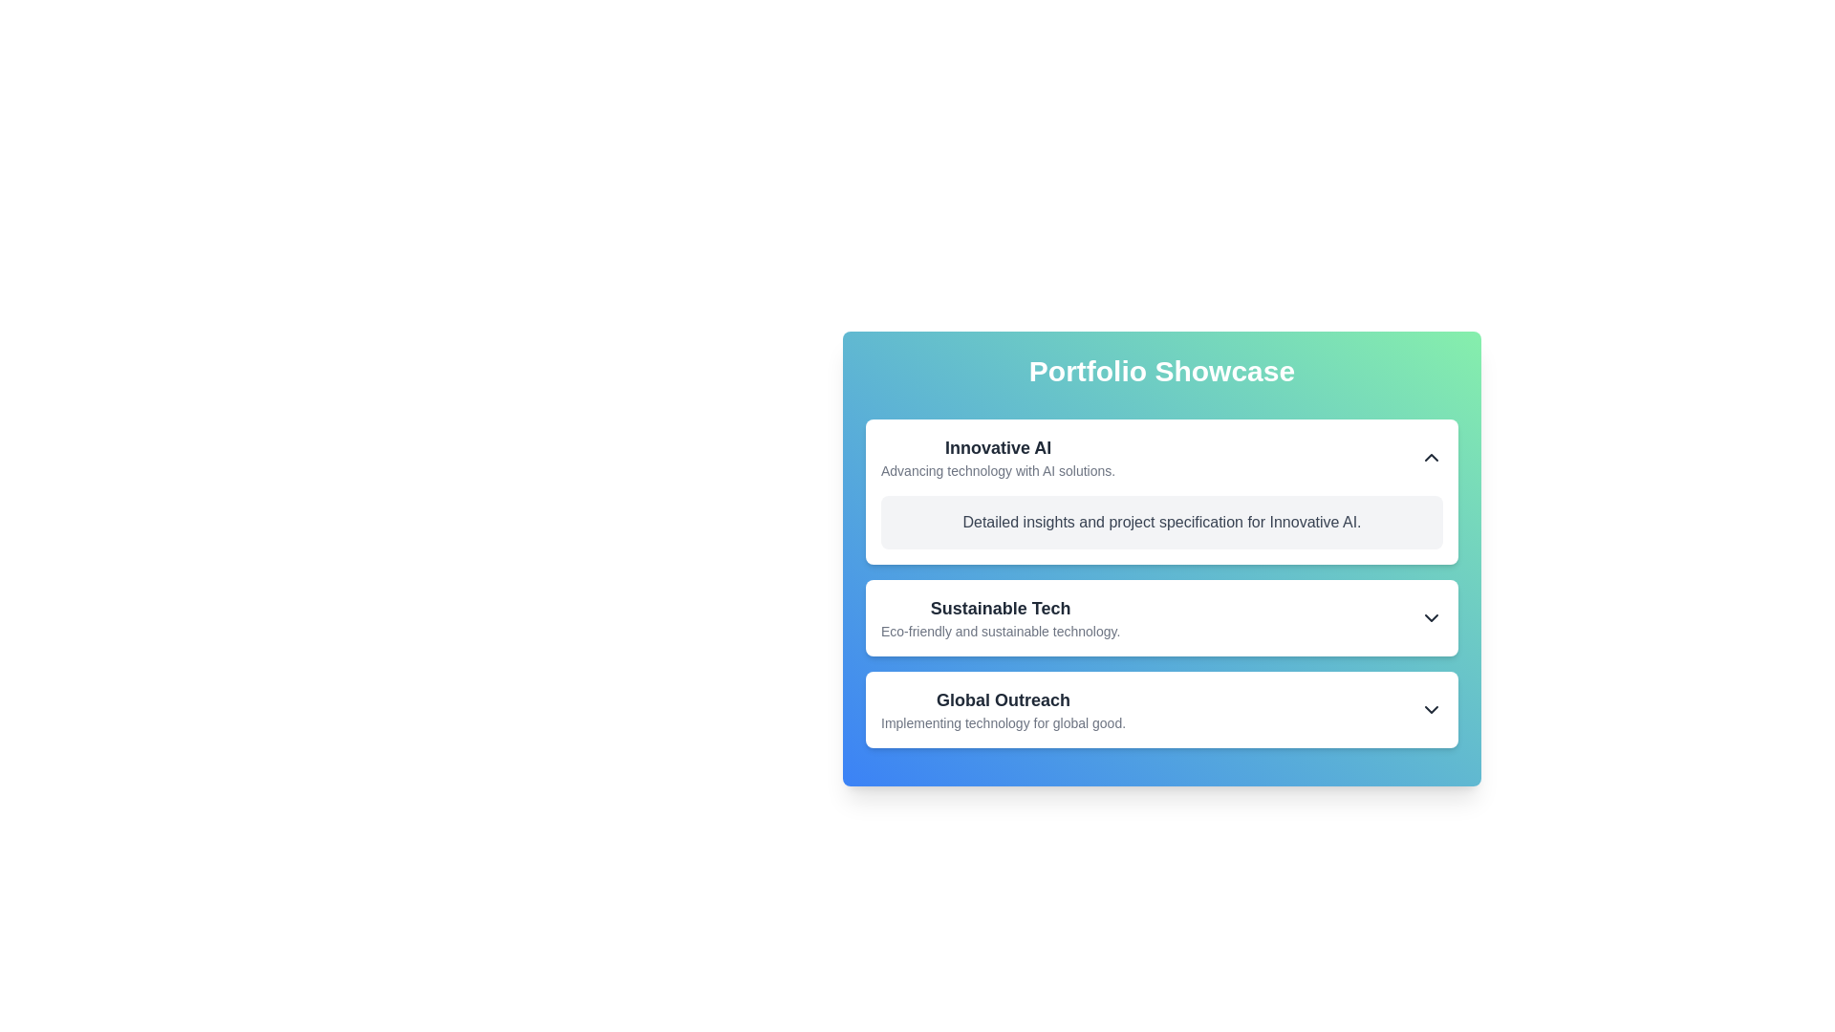  Describe the element at coordinates (1000, 631) in the screenshot. I see `the static text label that states 'Eco-friendly and sustainable technology.' located below the header 'Sustainable Tech' in the 'Portfolio Showcase' interface` at that location.